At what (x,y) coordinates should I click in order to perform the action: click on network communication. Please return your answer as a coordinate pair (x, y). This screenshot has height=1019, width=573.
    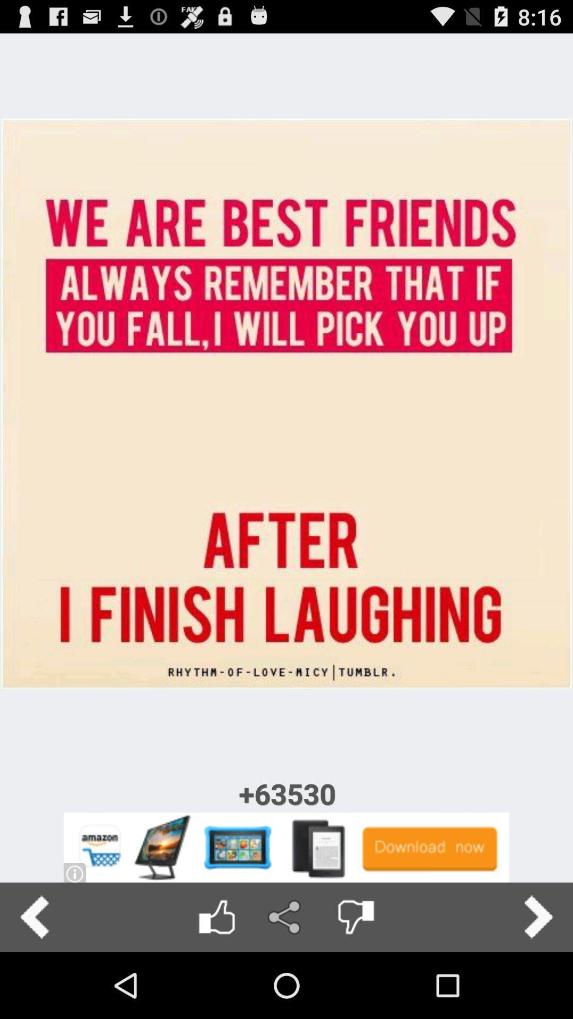
    Looking at the image, I should click on (285, 917).